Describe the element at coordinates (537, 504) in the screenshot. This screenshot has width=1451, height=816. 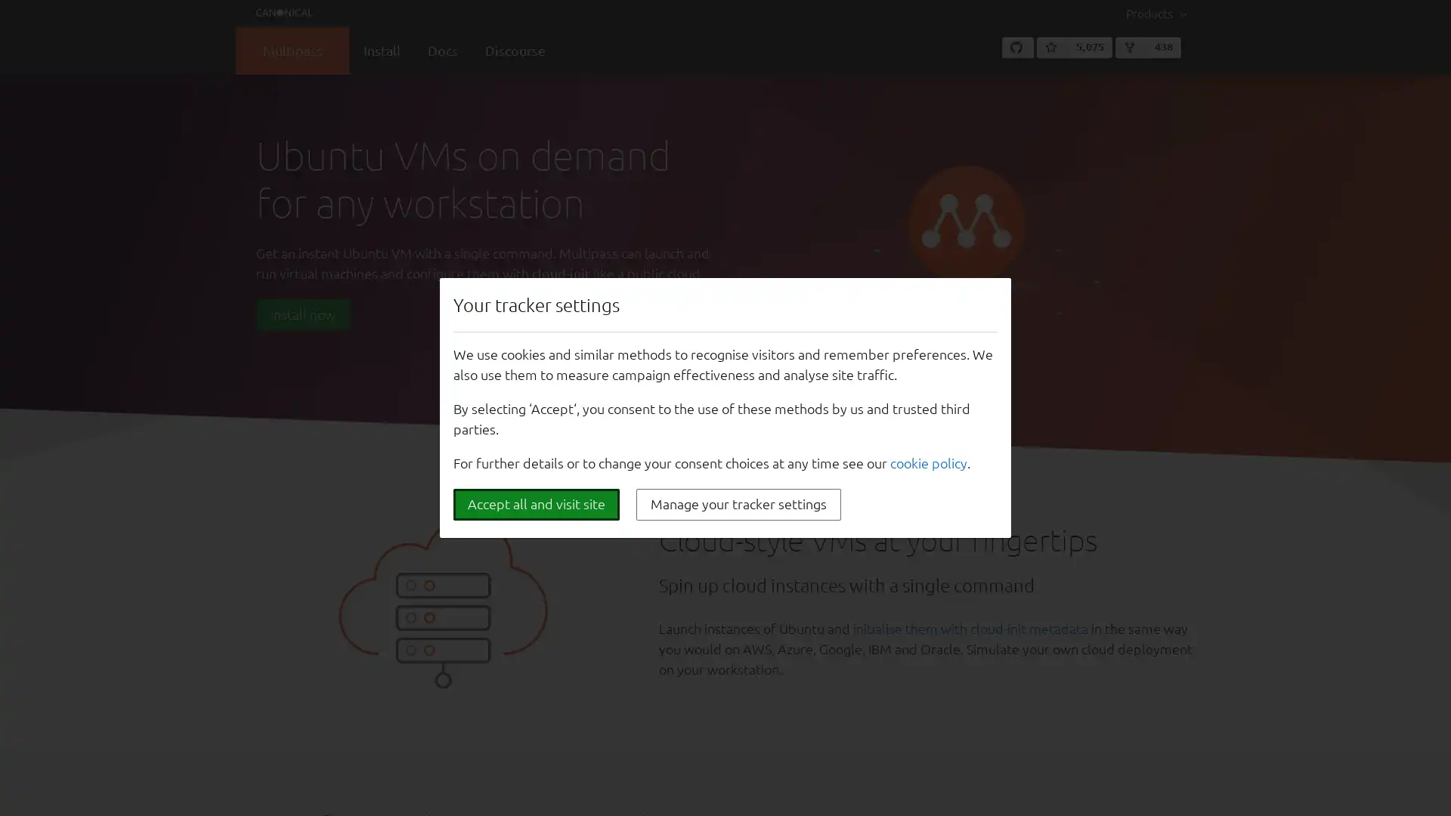
I see `Accept all and visit site` at that location.